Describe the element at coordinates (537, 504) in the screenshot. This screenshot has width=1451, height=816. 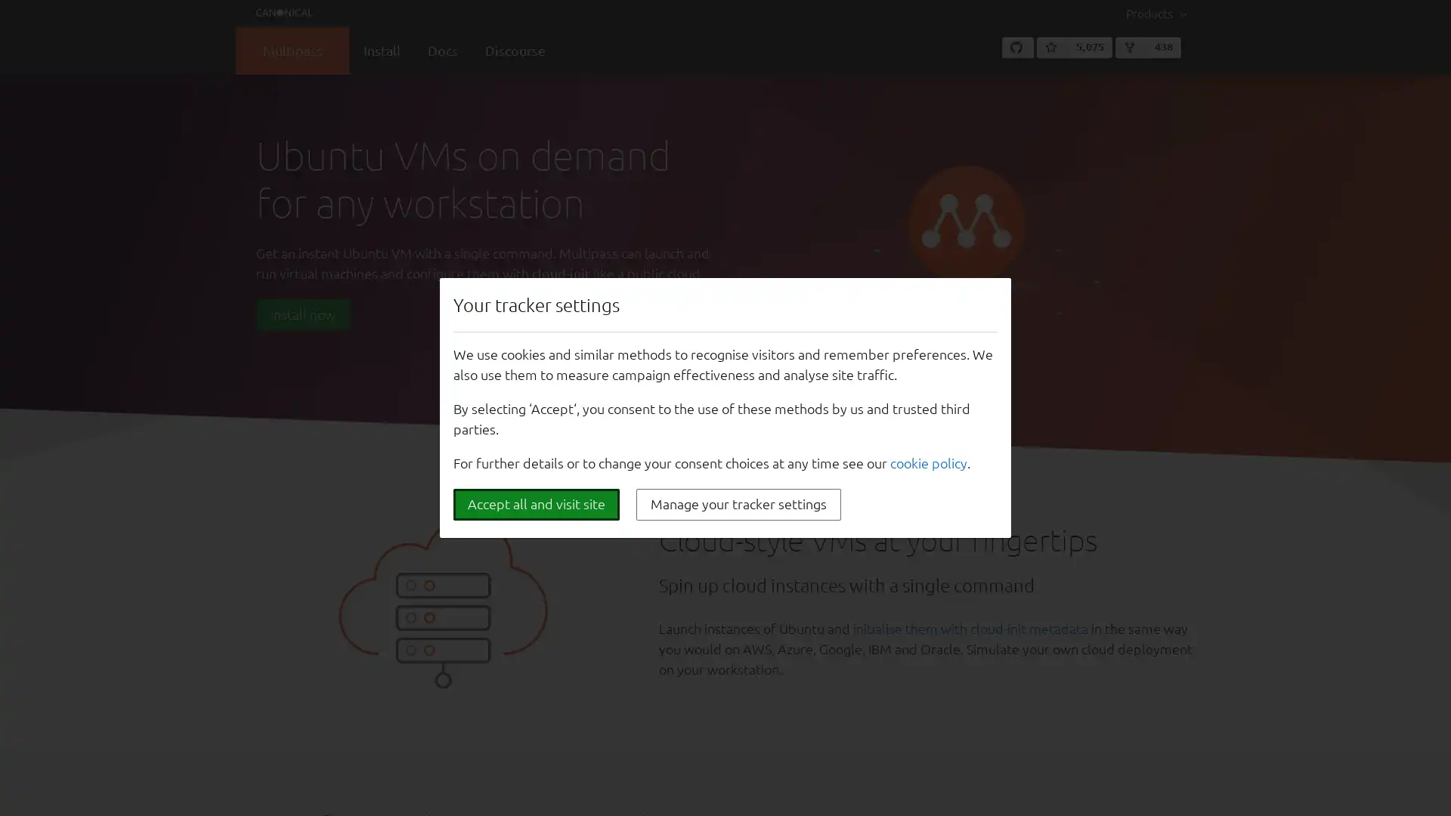
I see `Accept all and visit site` at that location.